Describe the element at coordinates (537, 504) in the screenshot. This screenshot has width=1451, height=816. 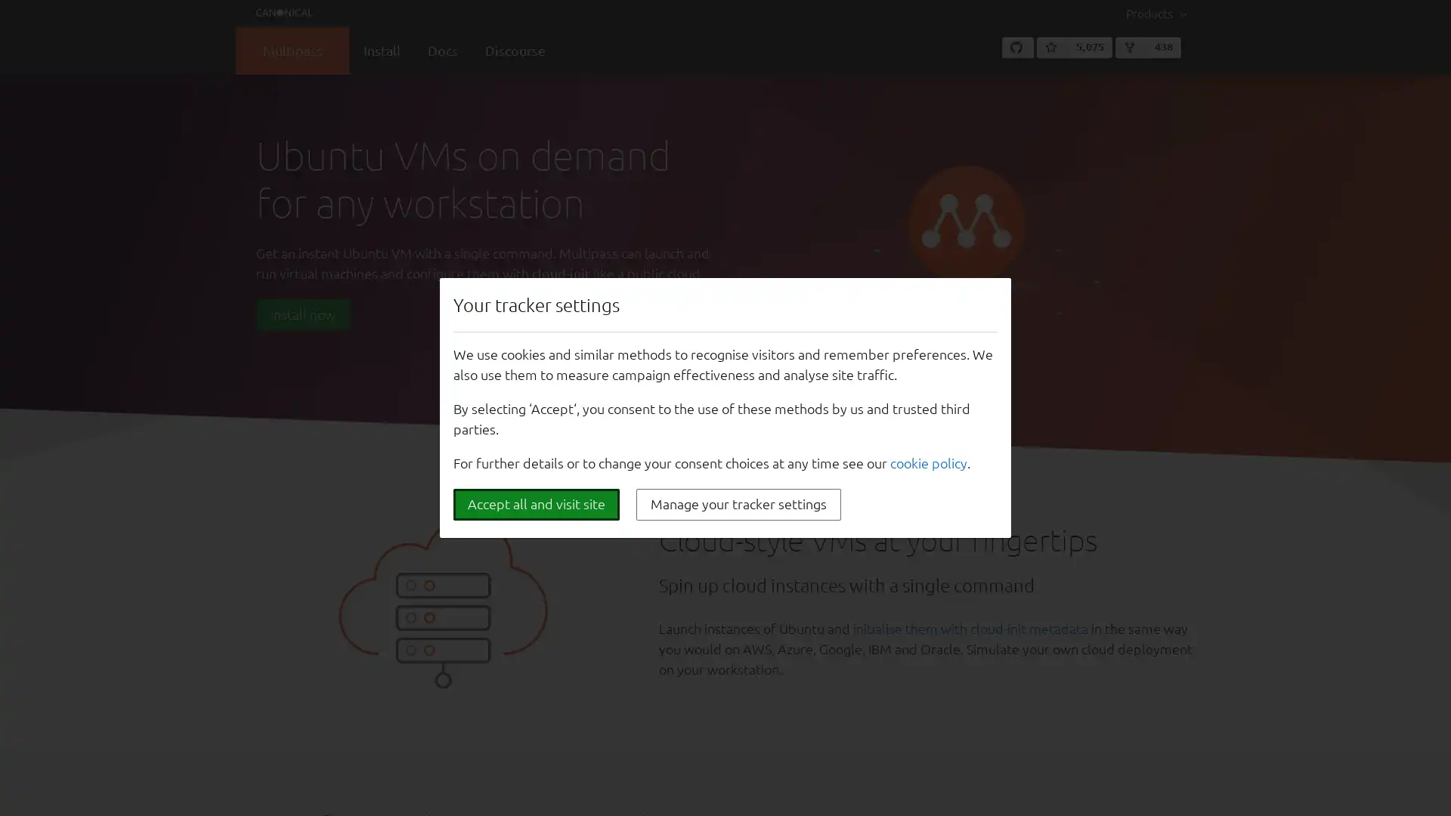
I see `Accept all and visit site` at that location.